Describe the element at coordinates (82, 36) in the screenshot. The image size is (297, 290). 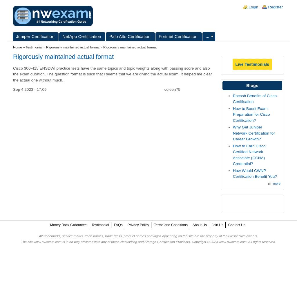
I see `'NetApp Certification'` at that location.